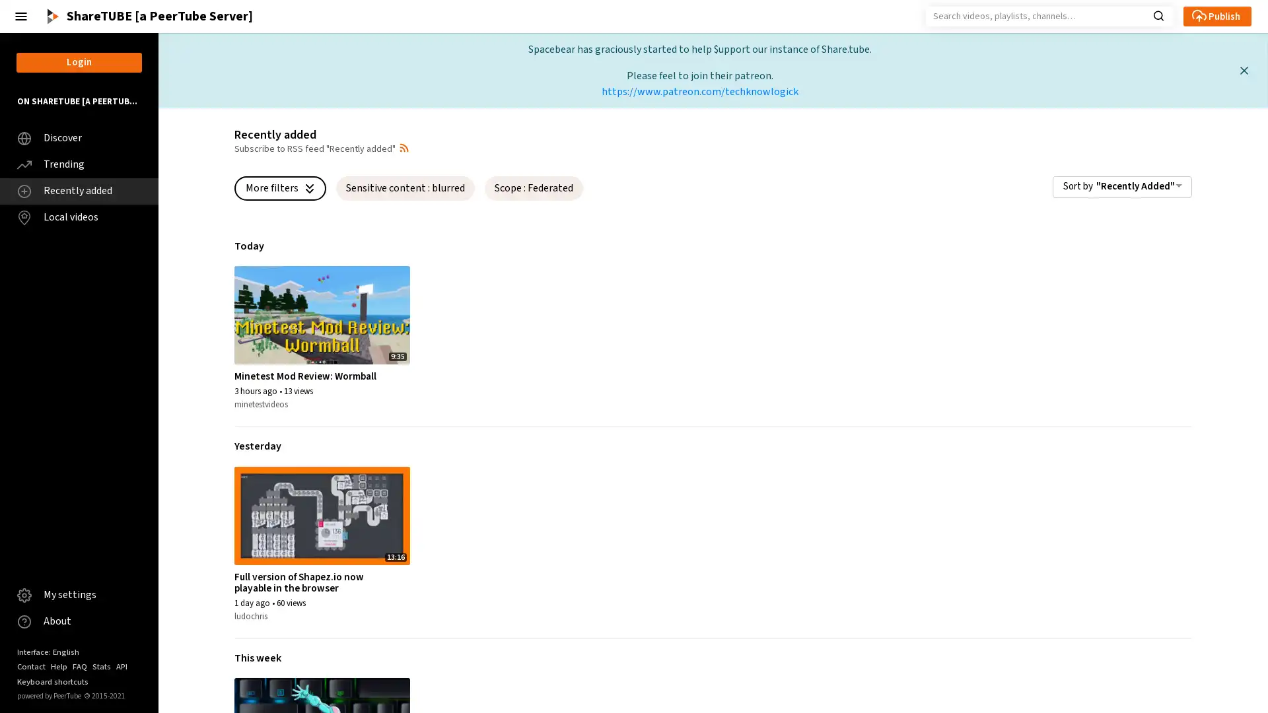  What do you see at coordinates (21, 16) in the screenshot?
I see `Close the left menu` at bounding box center [21, 16].